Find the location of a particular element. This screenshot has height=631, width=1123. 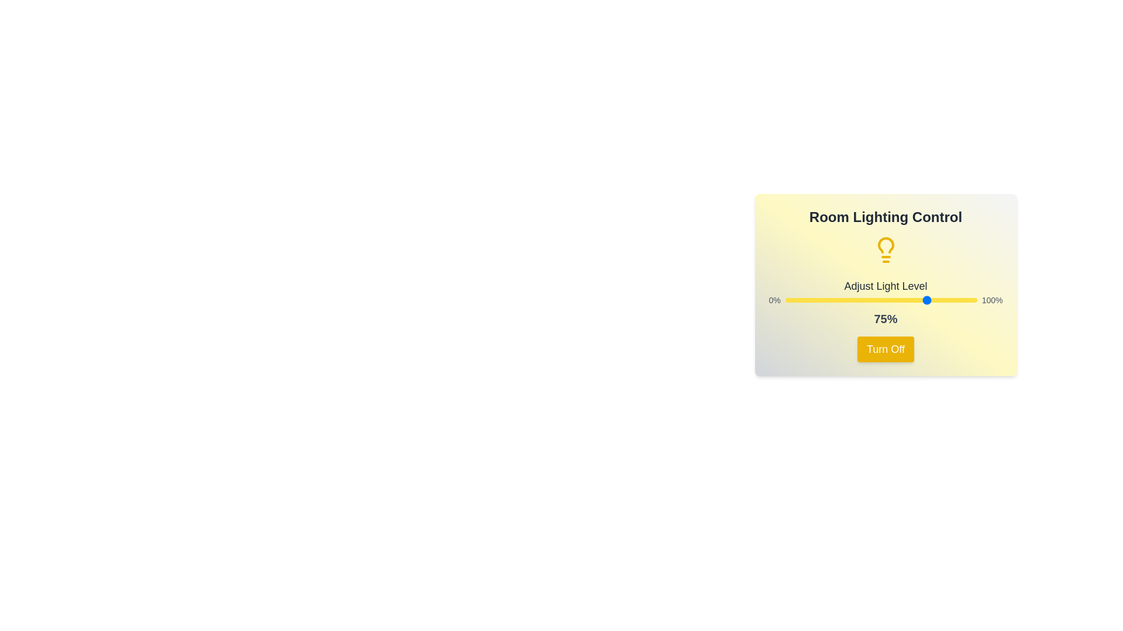

the light level to 18% by dragging the slider is located at coordinates (819, 299).